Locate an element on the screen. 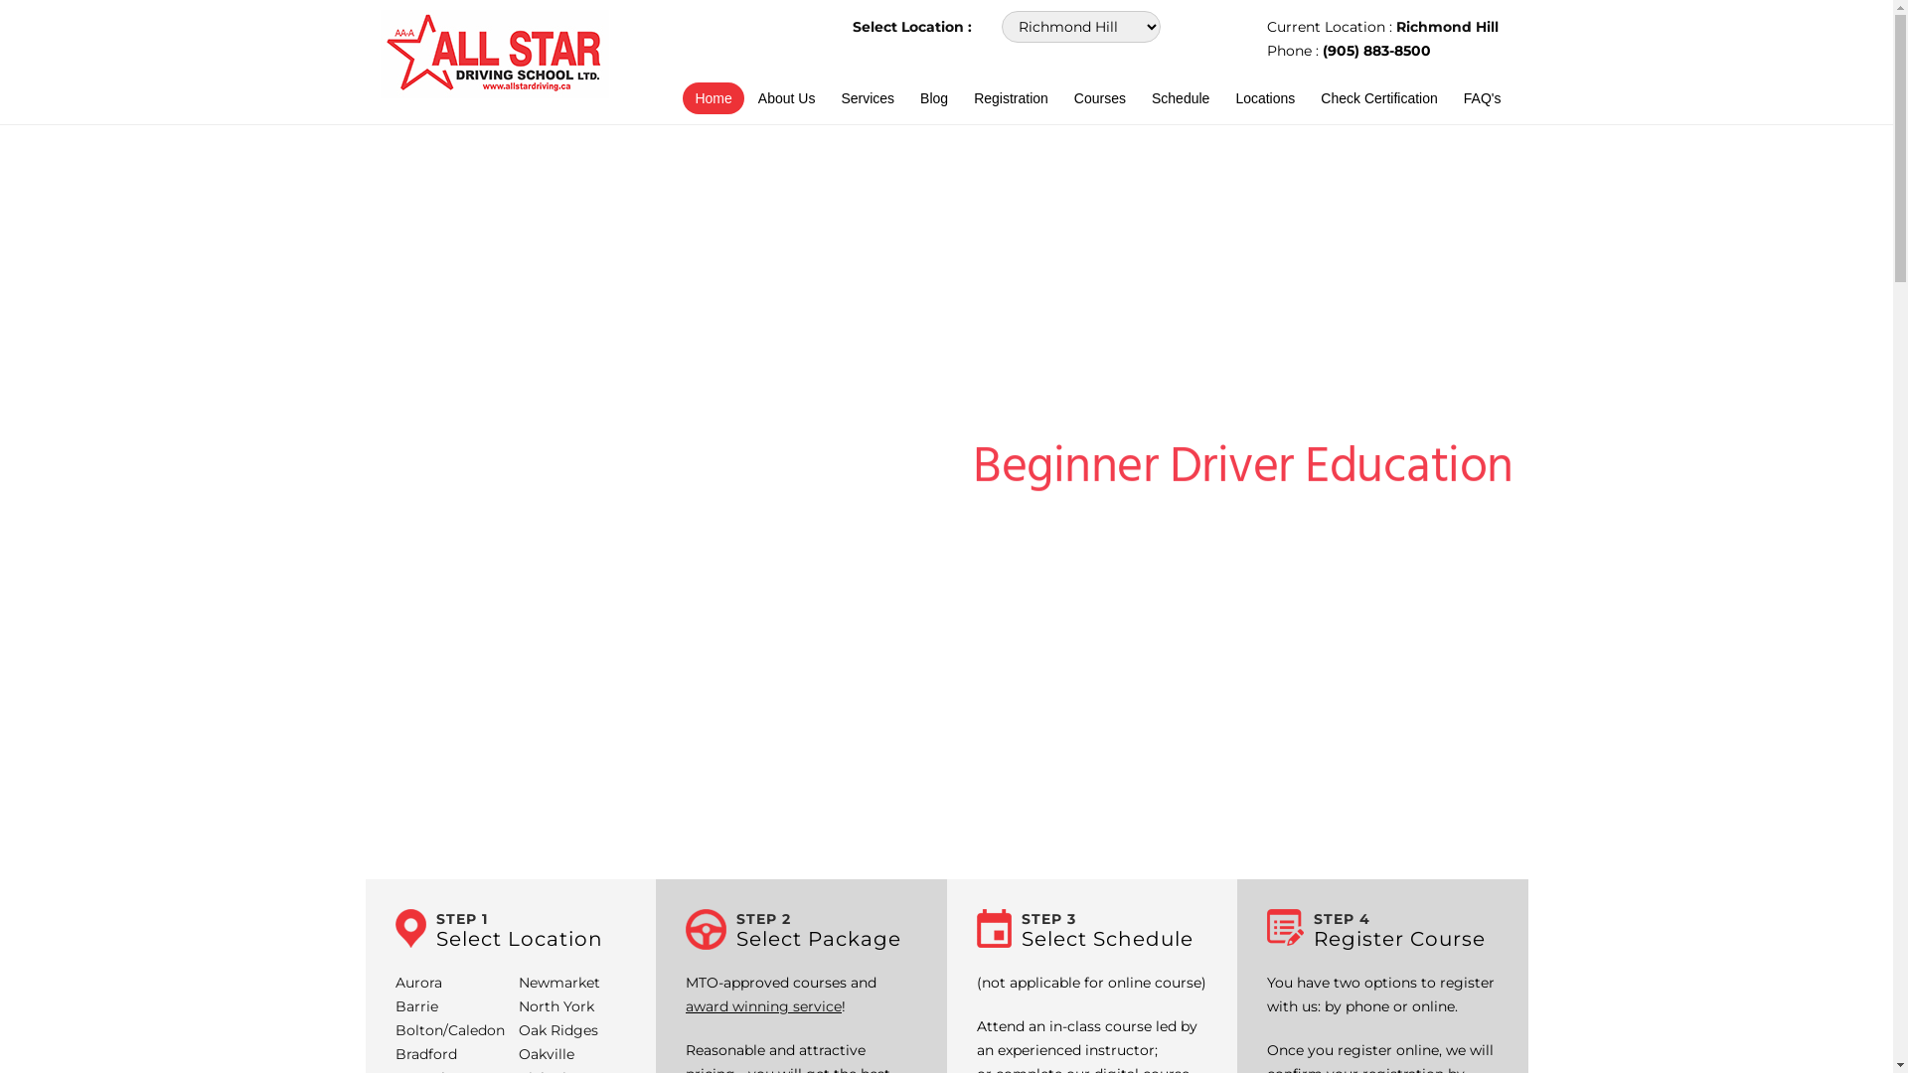  'Bolton/Caledon' is located at coordinates (396, 1029).